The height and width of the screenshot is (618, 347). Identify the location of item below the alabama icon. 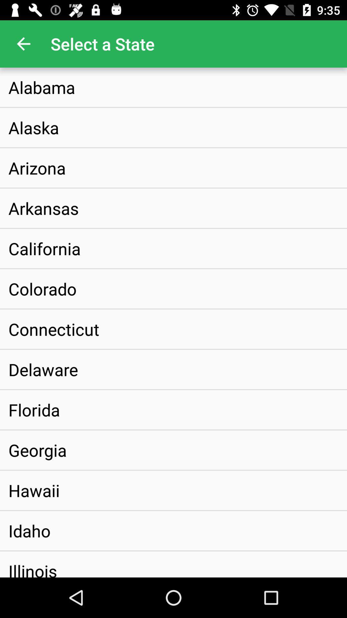
(33, 127).